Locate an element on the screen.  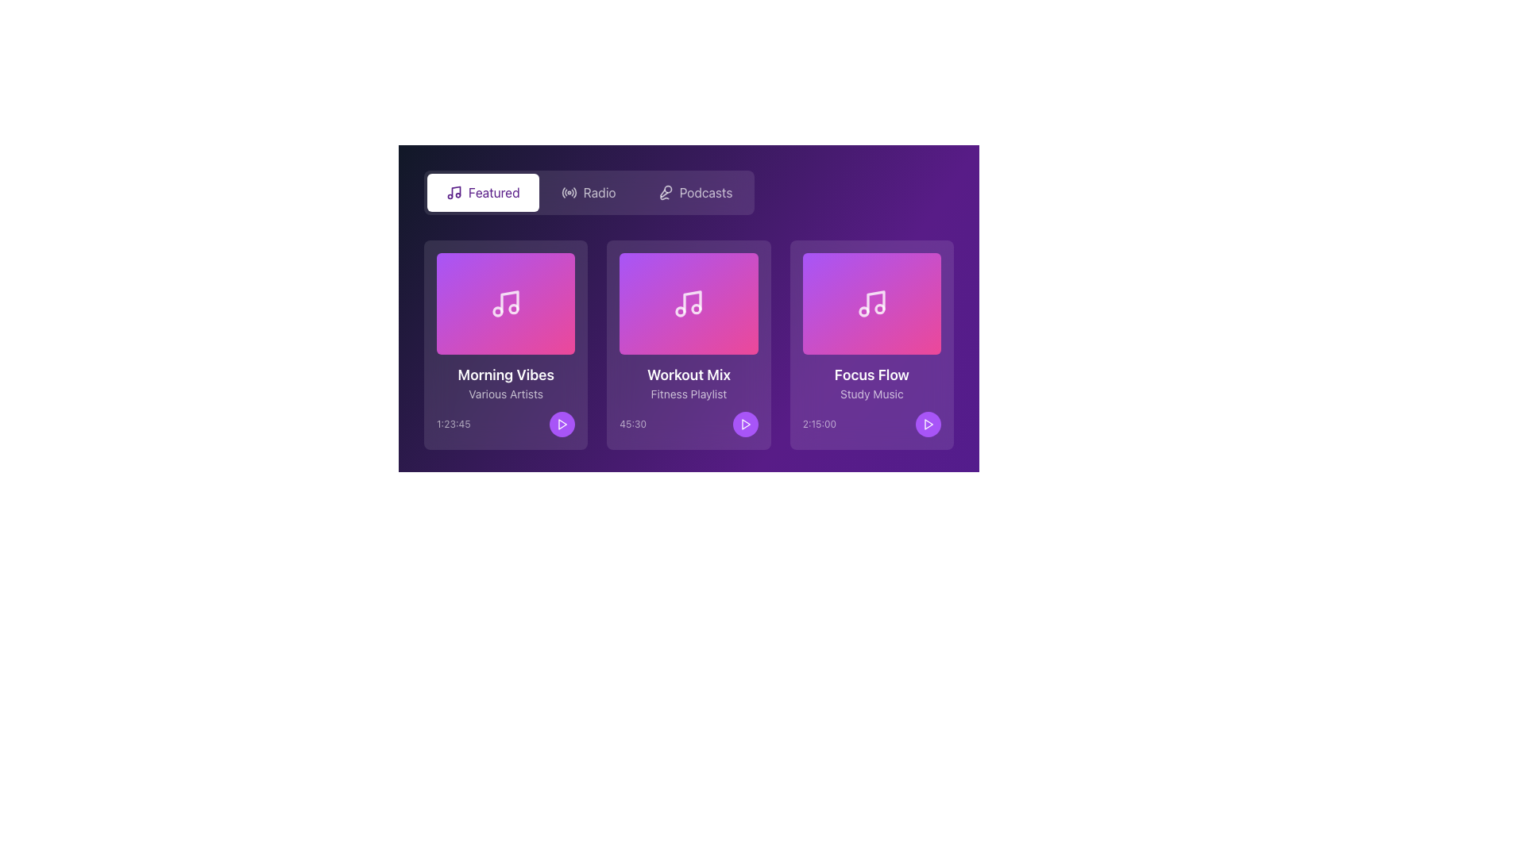
the first button in the group is located at coordinates (482, 192).